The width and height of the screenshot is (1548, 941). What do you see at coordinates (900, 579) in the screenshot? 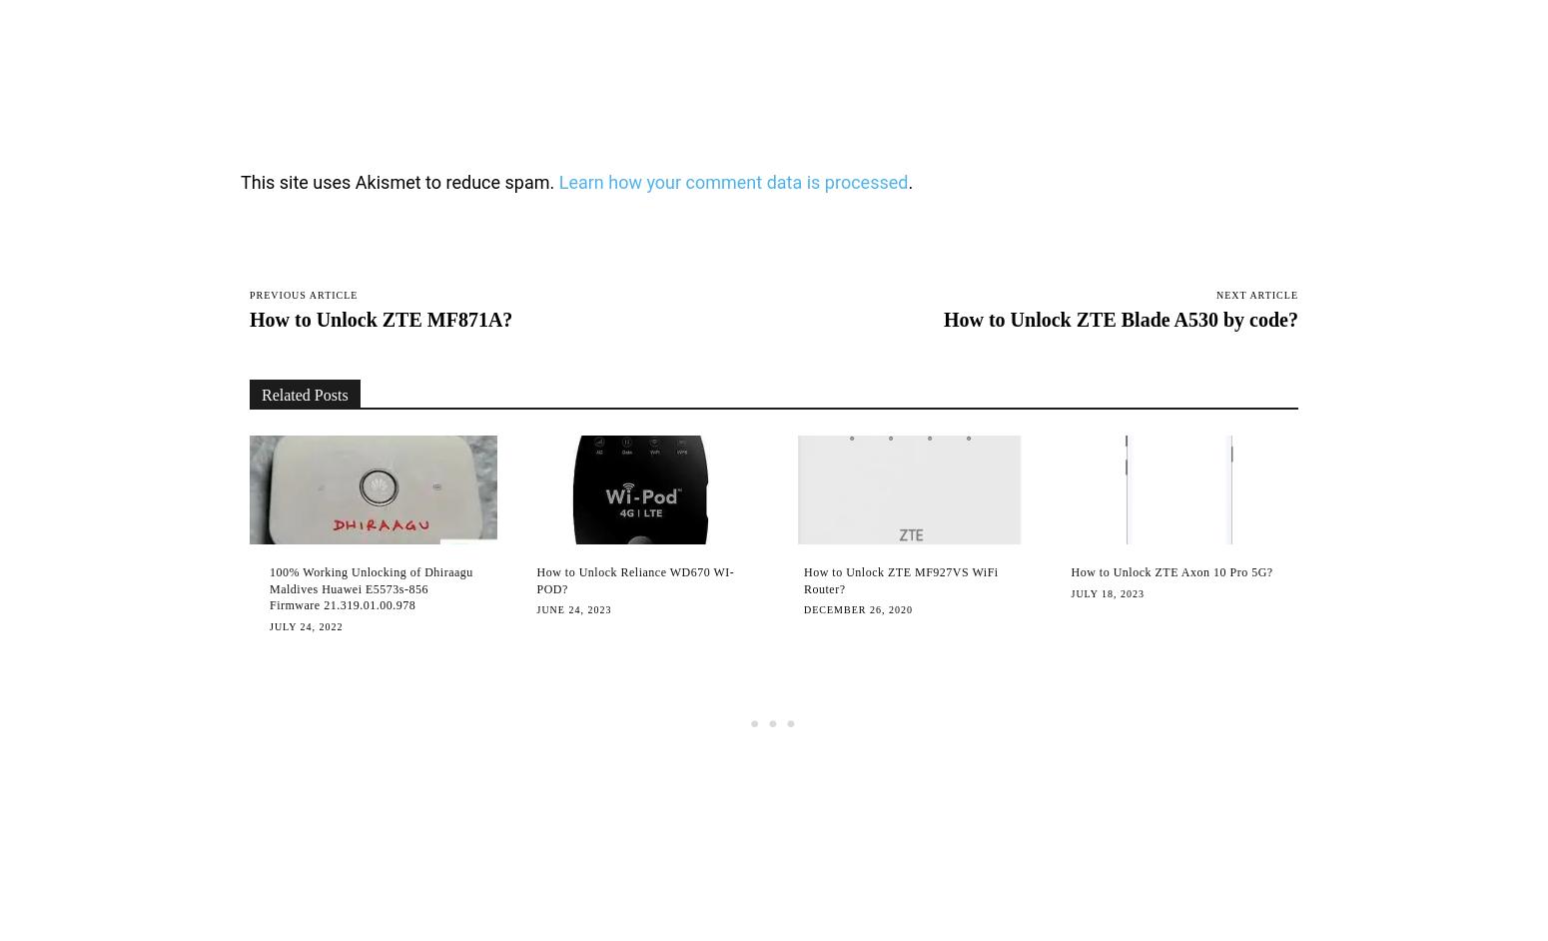
I see `'How to Unlock ZTE MF927VS WiFi Router?'` at bounding box center [900, 579].